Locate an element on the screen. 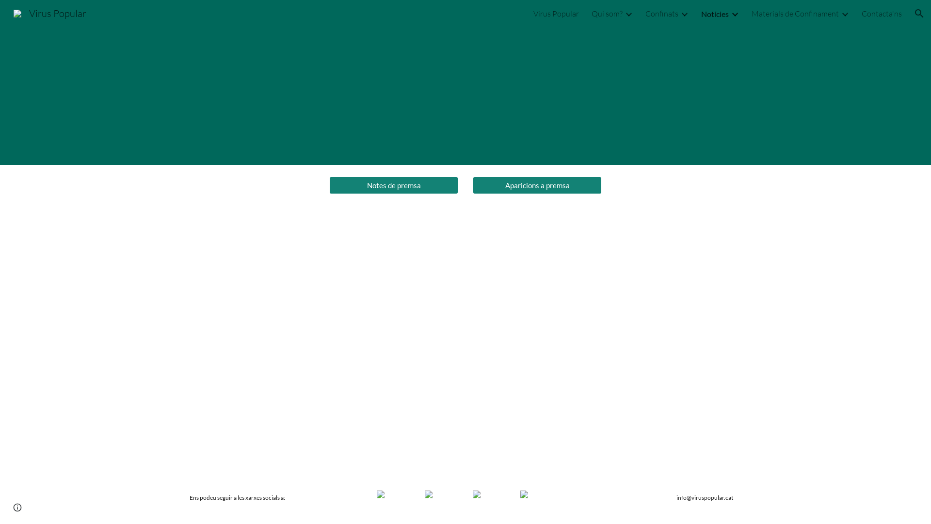 The image size is (931, 524). 'Notes de premsa' is located at coordinates (393, 185).